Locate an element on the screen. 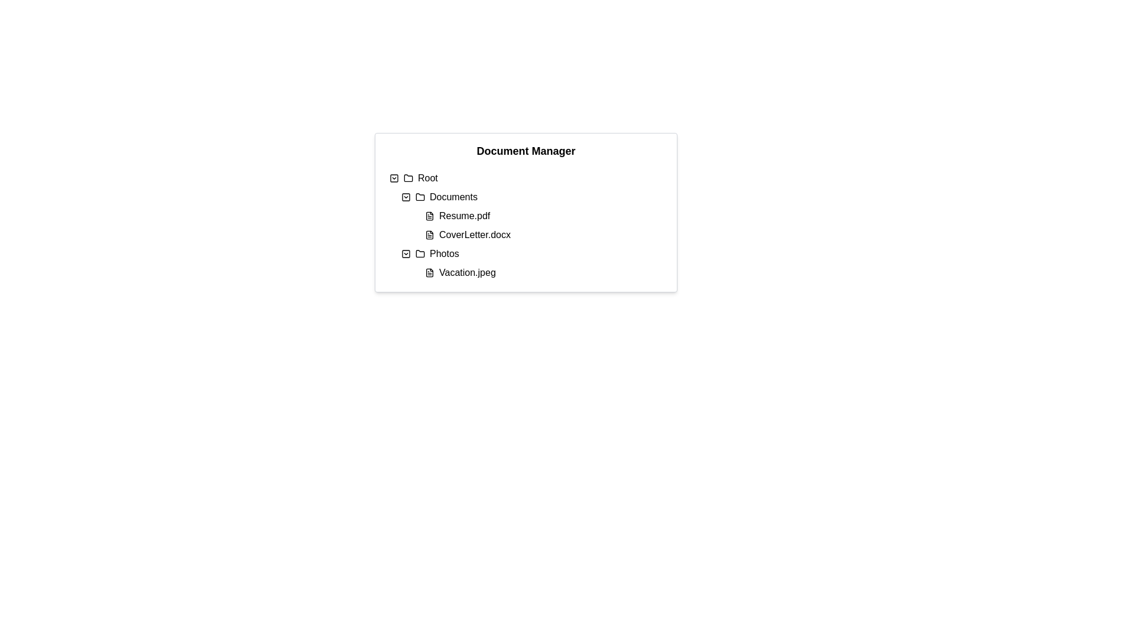 The height and width of the screenshot is (638, 1135). the text label displaying 'Root', which is in bold font and positioned to the right of a folder icon within the 'Document Manager' section is located at coordinates (427, 178).